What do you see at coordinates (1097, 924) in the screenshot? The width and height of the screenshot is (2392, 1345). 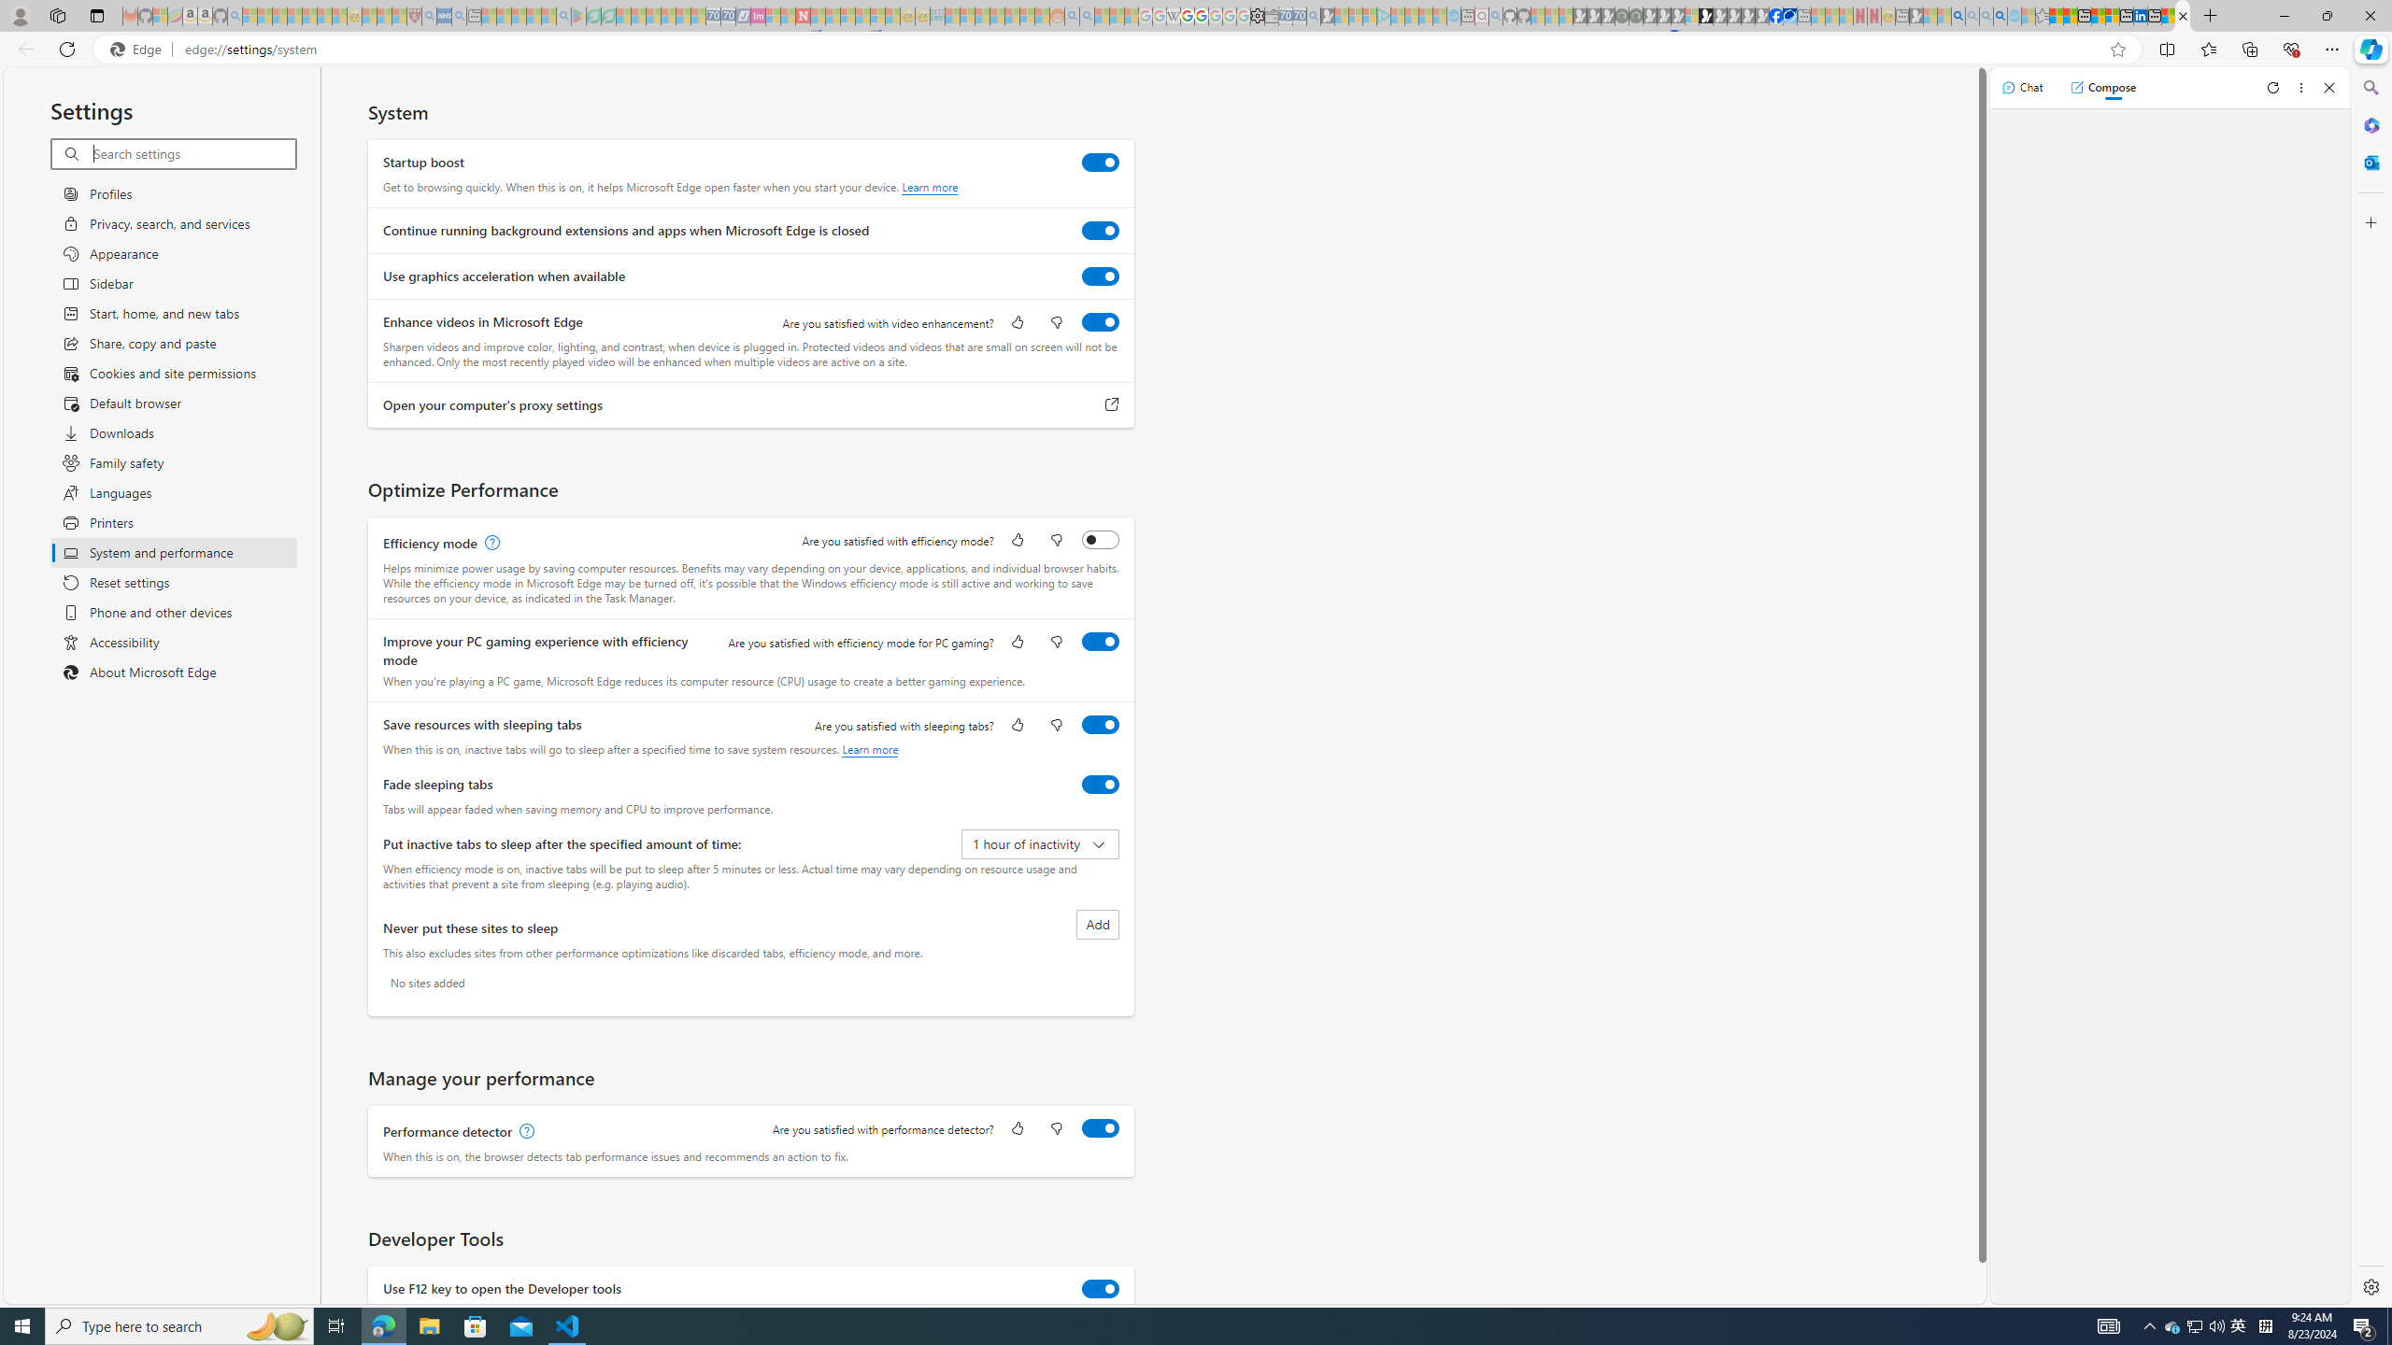 I see `'Add site to never put these sites to sleep list'` at bounding box center [1097, 924].